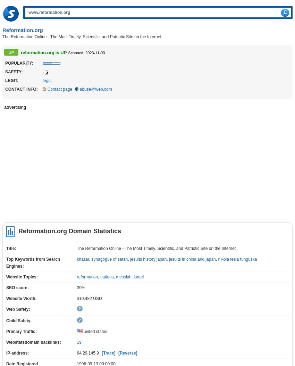 Image resolution: width=295 pixels, height=366 pixels. What do you see at coordinates (21, 89) in the screenshot?
I see `'Contact info:'` at bounding box center [21, 89].